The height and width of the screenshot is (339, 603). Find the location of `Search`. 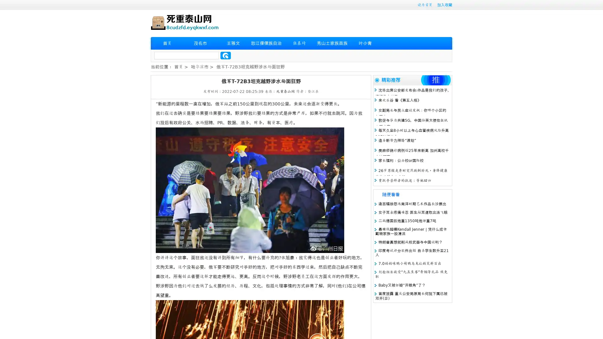

Search is located at coordinates (225, 55).